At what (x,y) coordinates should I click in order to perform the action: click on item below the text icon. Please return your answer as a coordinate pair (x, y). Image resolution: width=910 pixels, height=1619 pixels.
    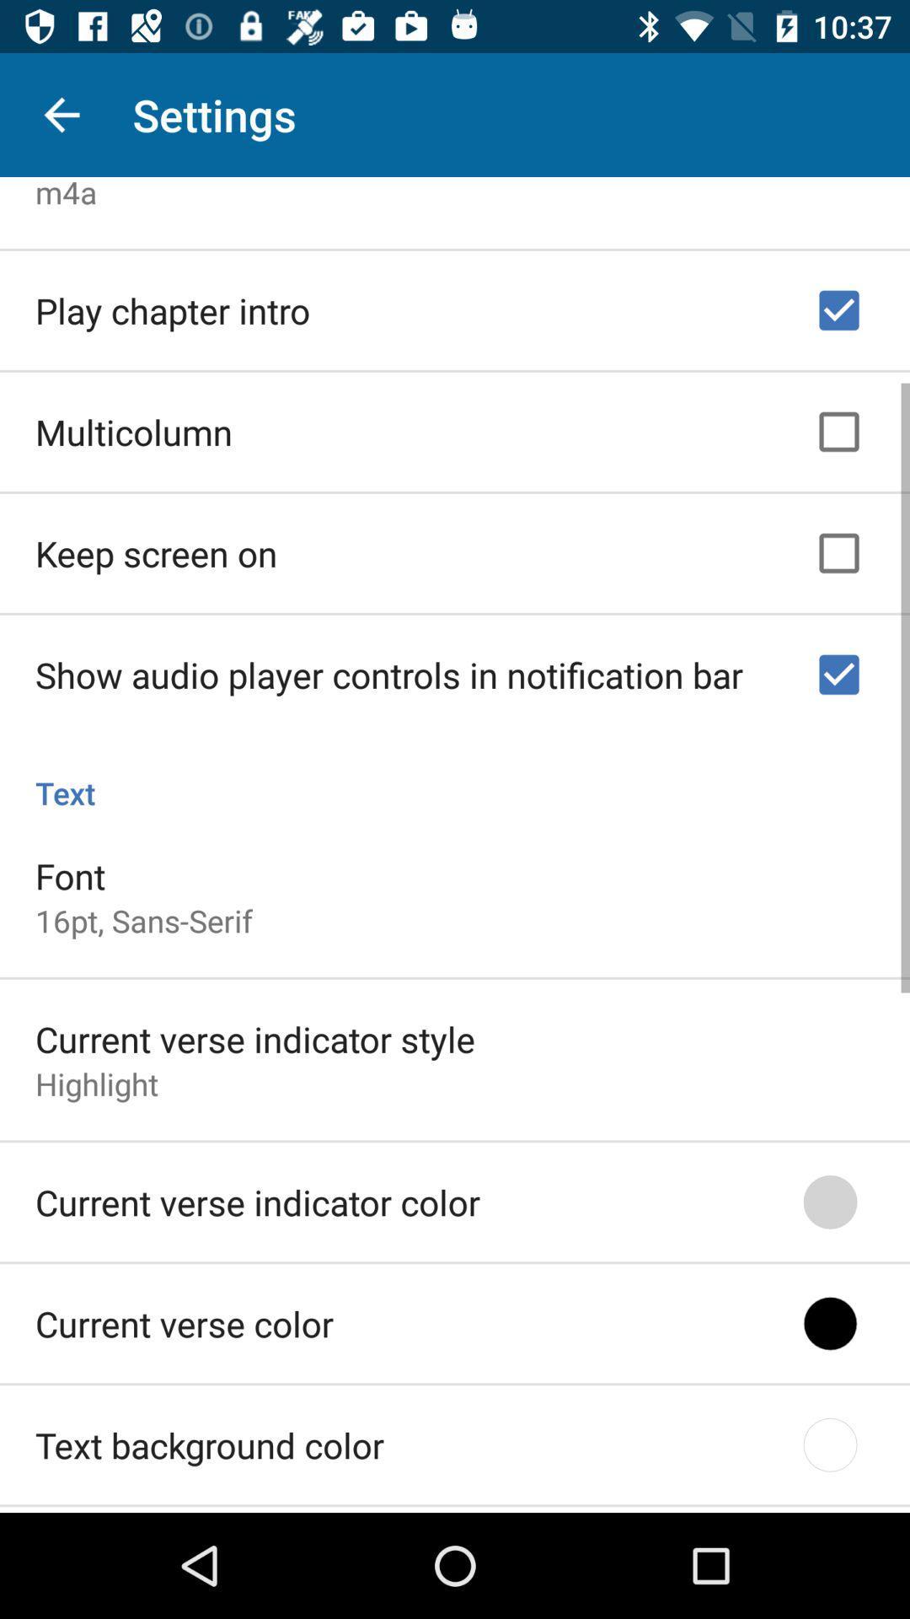
    Looking at the image, I should click on (69, 870).